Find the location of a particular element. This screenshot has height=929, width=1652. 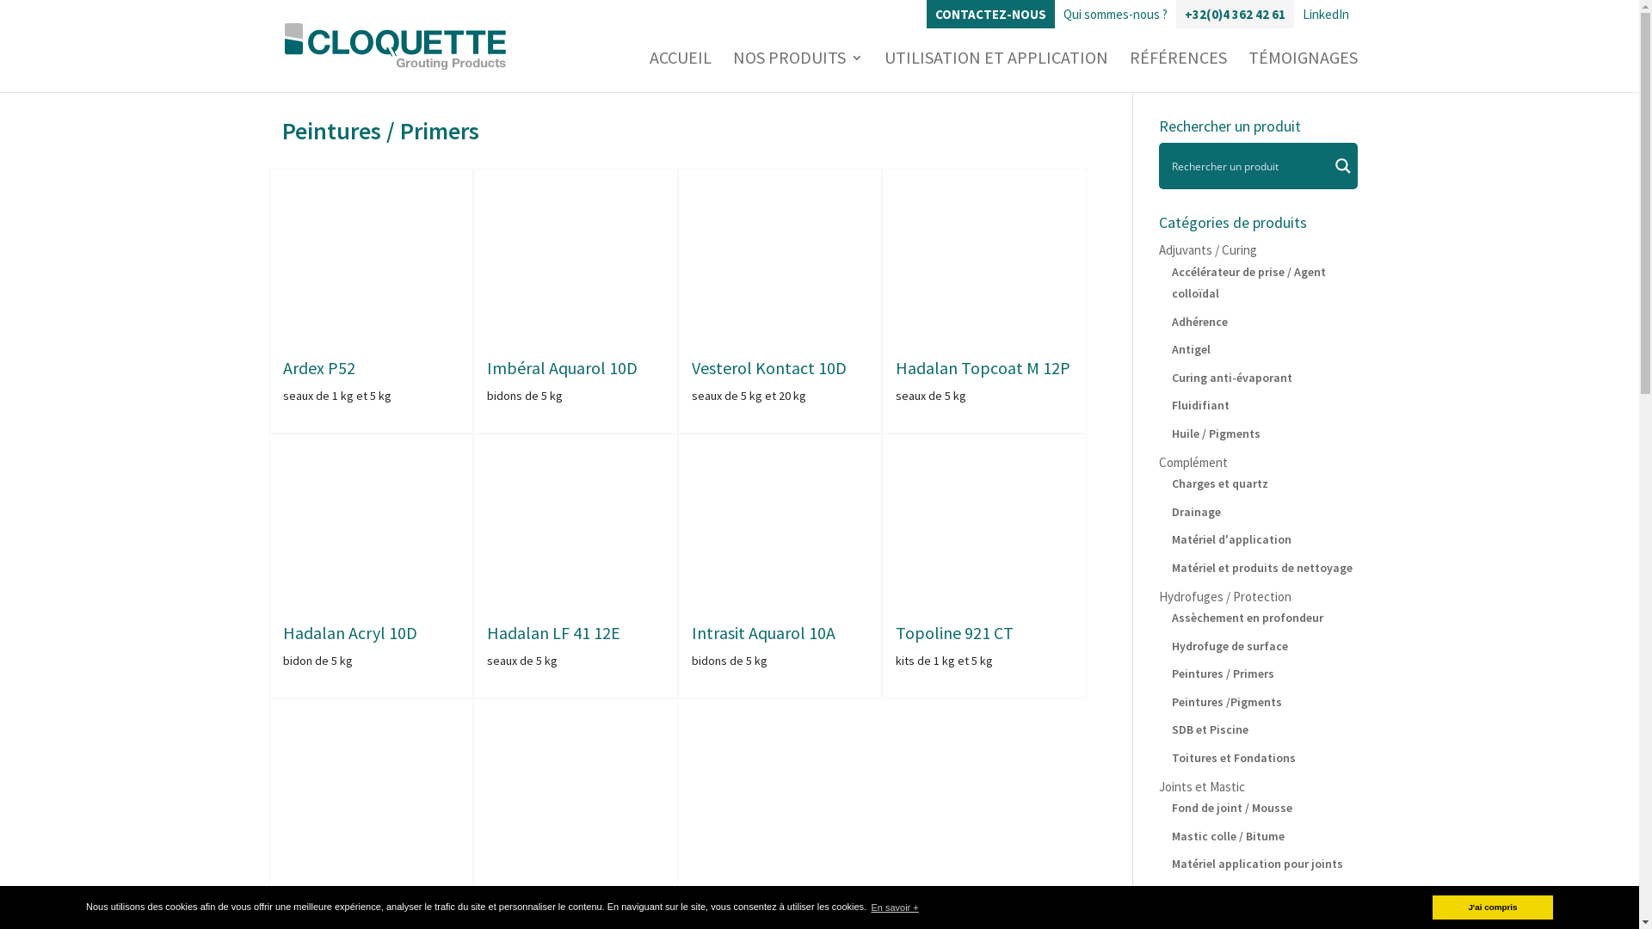

'+32(0)4 362 42 61' is located at coordinates (1233, 14).